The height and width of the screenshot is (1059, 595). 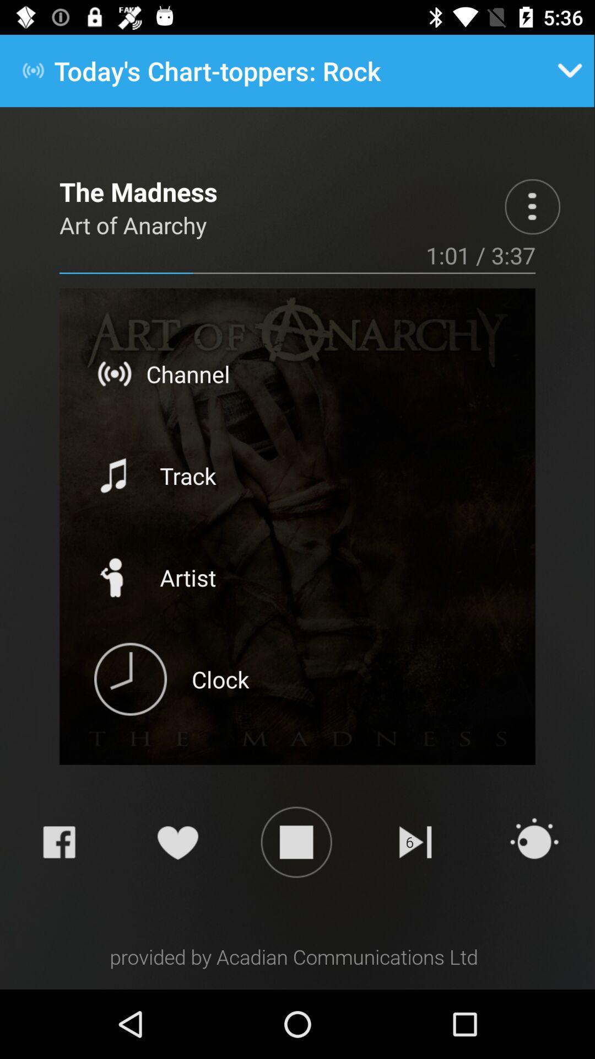 What do you see at coordinates (532, 206) in the screenshot?
I see `the more icon` at bounding box center [532, 206].